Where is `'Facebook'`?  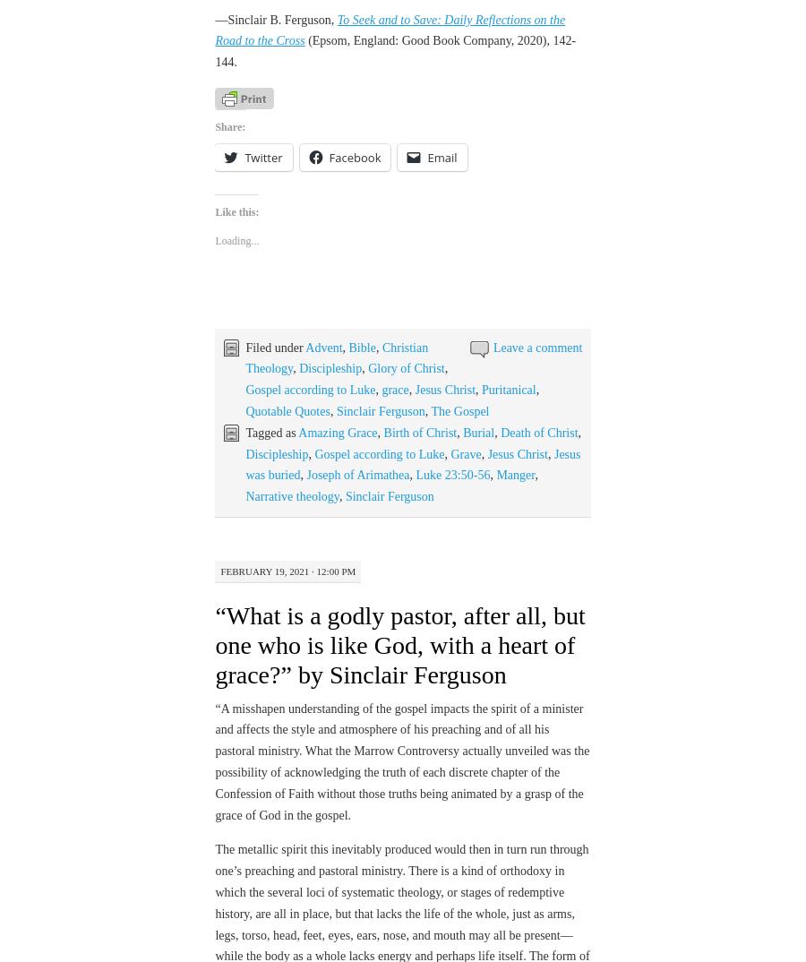
'Facebook' is located at coordinates (355, 158).